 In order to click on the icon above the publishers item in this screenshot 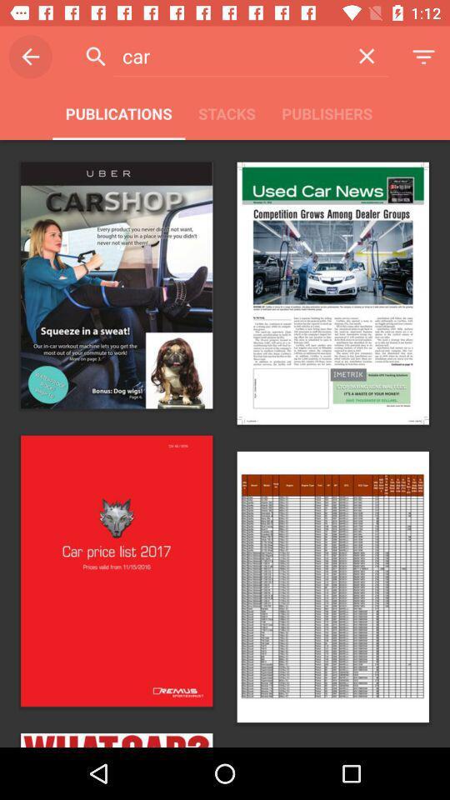, I will do `click(367, 56)`.